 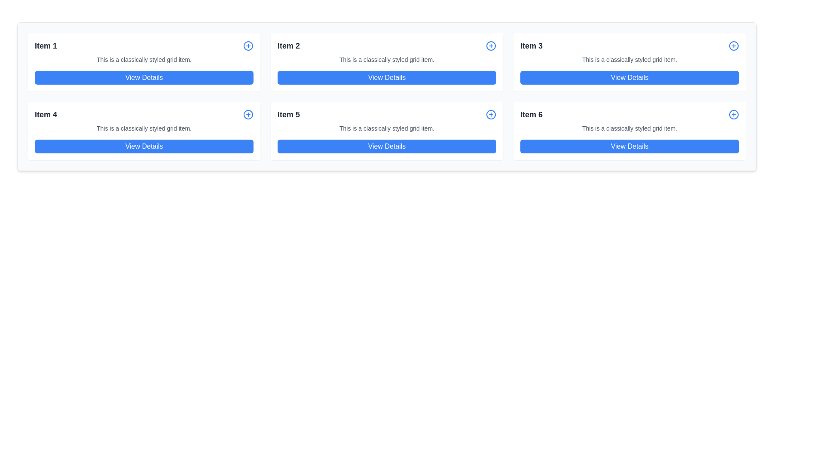 What do you see at coordinates (531, 114) in the screenshot?
I see `text from the Text Label that serves as the title for its associated grid card, located in the second row and third column of the grid layout` at bounding box center [531, 114].